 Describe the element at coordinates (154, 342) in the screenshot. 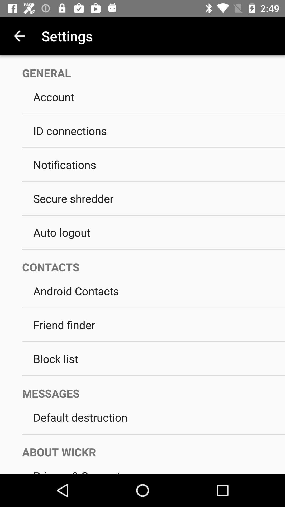

I see `item above block list icon` at that location.